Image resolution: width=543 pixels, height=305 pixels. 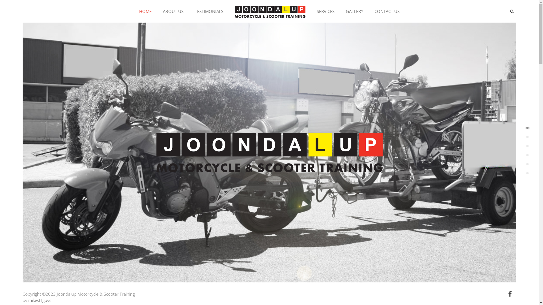 What do you see at coordinates (354, 11) in the screenshot?
I see `'GALLERY'` at bounding box center [354, 11].